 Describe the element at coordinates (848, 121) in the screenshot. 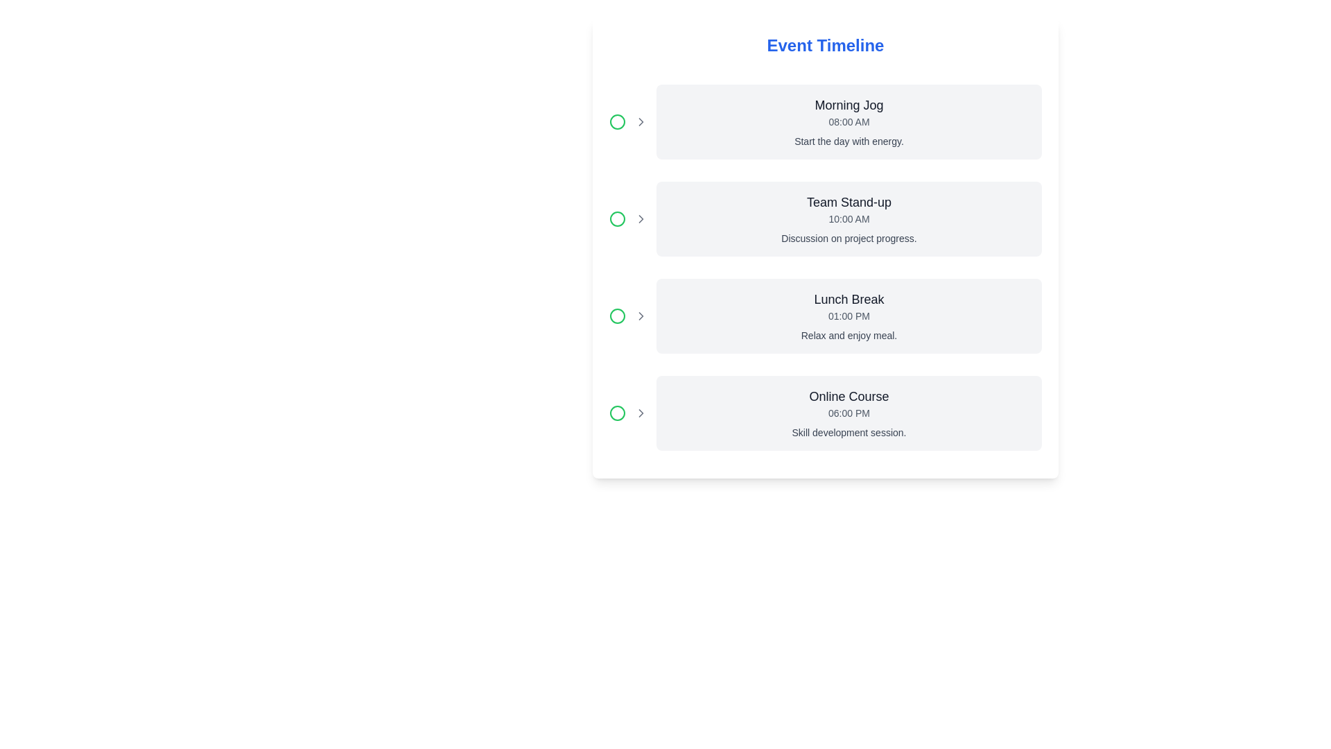

I see `the first card-like block in the 'Event Timeline' section displaying the title 'Morning Jog', which includes the time '08:00 AM' and the description 'Start the day with energy.'` at that location.